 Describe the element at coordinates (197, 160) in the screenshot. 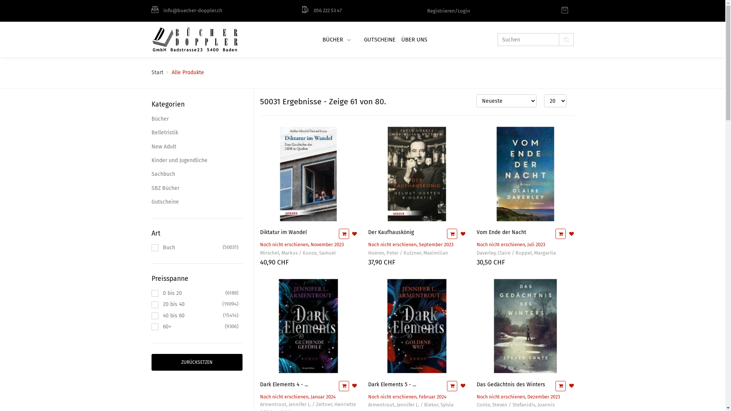

I see `'Kinder und Jugendliche'` at that location.